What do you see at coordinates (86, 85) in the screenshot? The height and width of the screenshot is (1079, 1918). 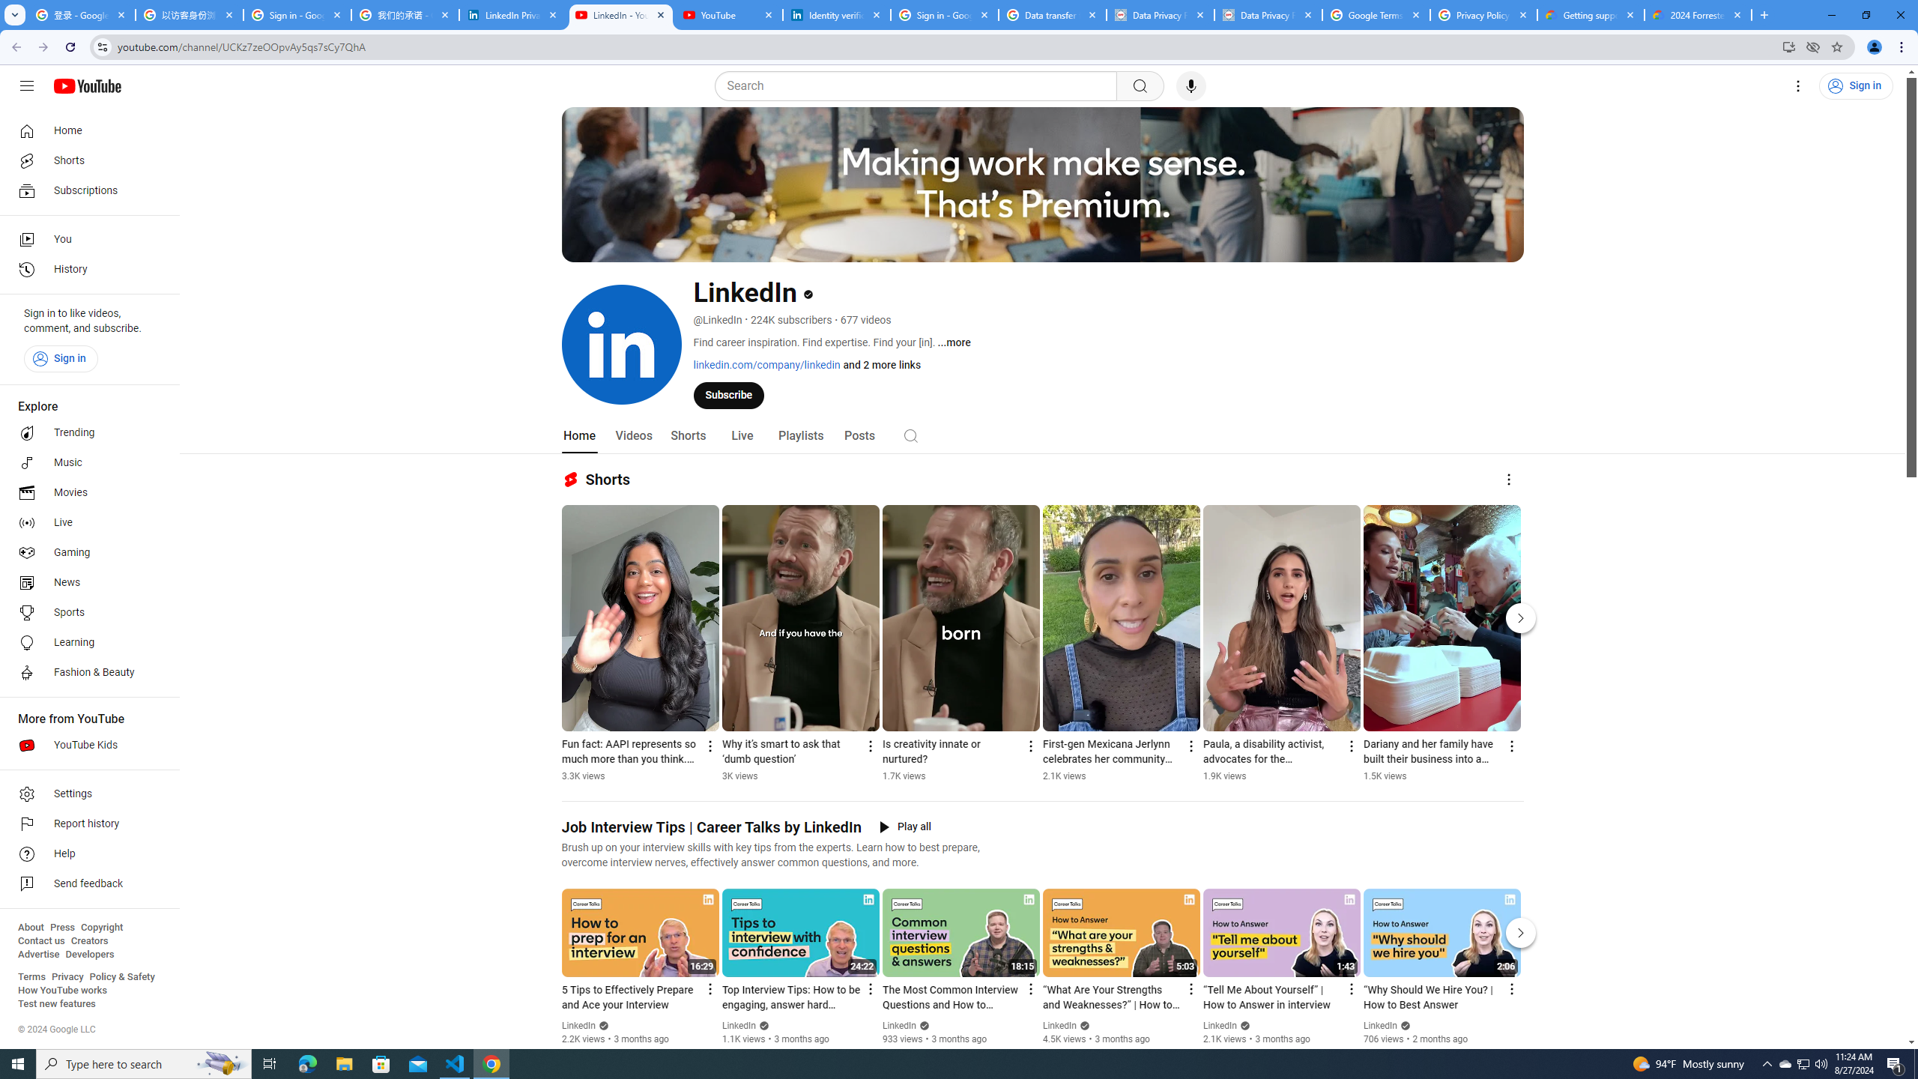 I see `'YouTube Home'` at bounding box center [86, 85].